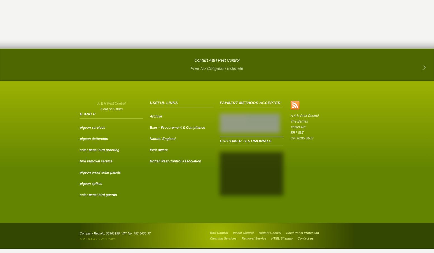  Describe the element at coordinates (297, 238) in the screenshot. I see `'Contact us'` at that location.